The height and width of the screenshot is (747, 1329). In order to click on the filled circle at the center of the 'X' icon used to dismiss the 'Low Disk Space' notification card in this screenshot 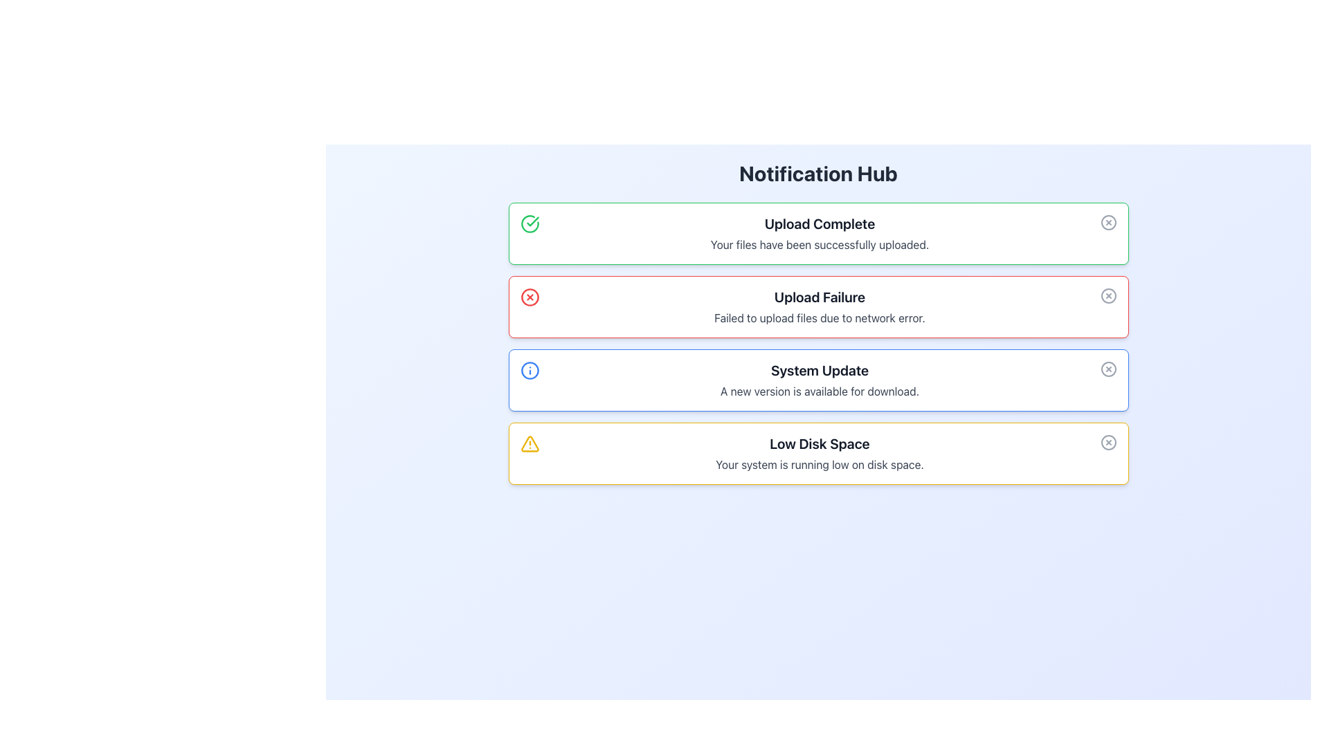, I will do `click(1108, 443)`.